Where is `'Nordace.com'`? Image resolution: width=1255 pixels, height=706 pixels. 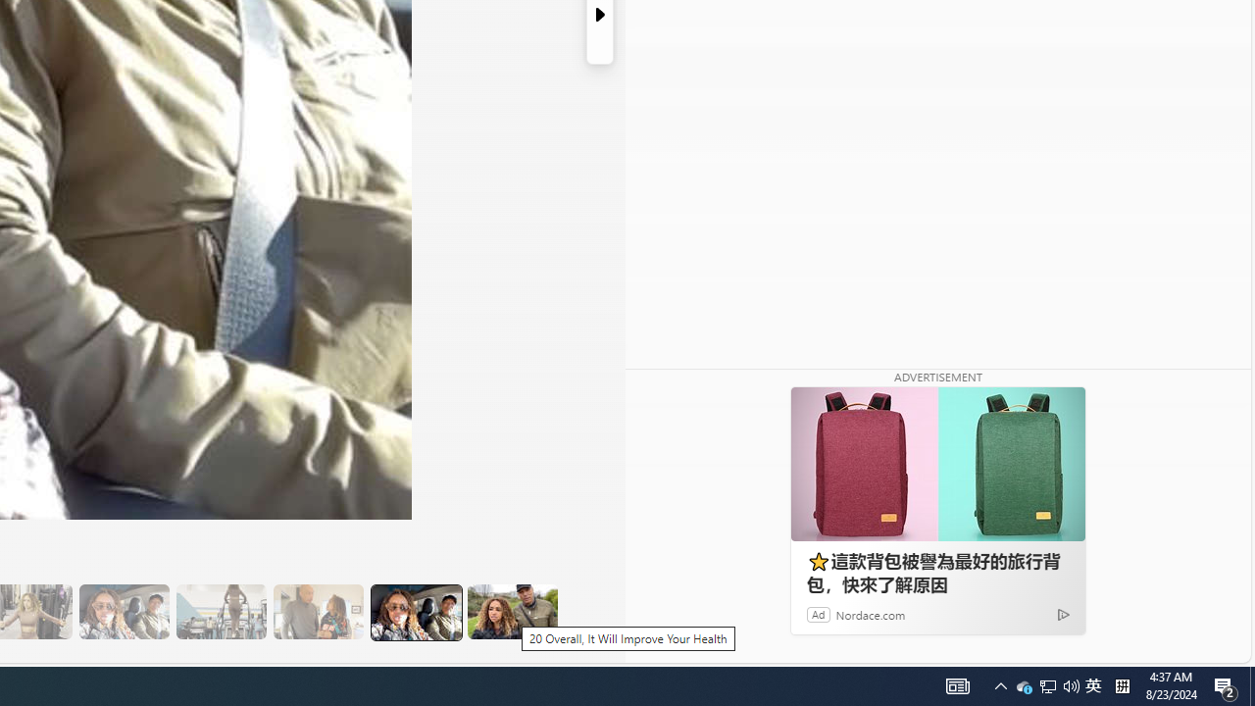
'Nordace.com' is located at coordinates (870, 613).